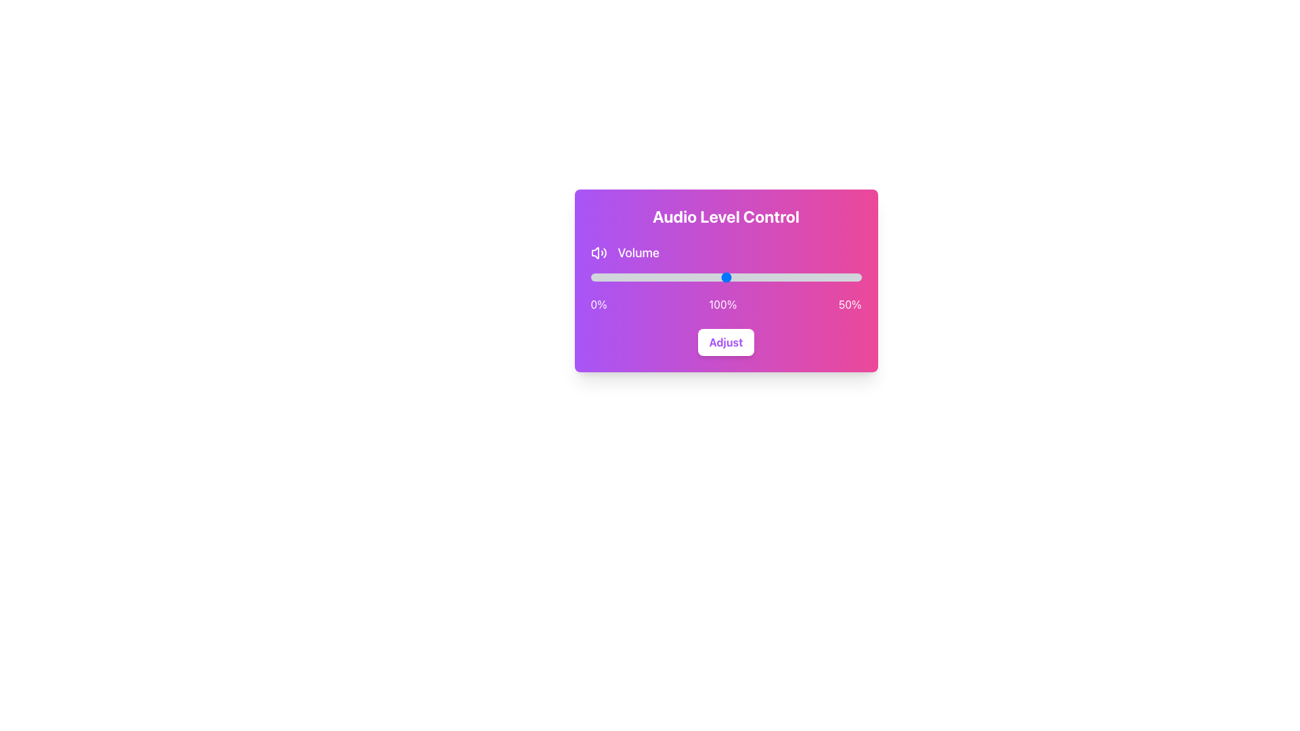 The width and height of the screenshot is (1300, 731). I want to click on the 'Volume' text label, which is prominently styled in white and located near the top left of the 'Audio Level Control' card, positioned to the right of the speaker icon, so click(638, 253).